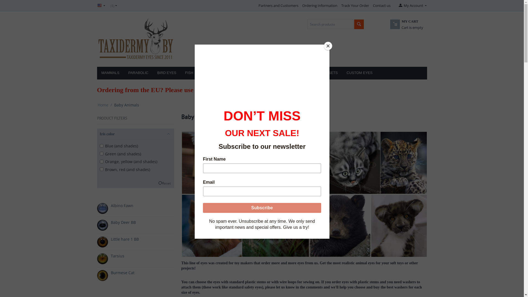 This screenshot has height=297, width=528. Describe the element at coordinates (138, 73) in the screenshot. I see `'PARABOLIC'` at that location.